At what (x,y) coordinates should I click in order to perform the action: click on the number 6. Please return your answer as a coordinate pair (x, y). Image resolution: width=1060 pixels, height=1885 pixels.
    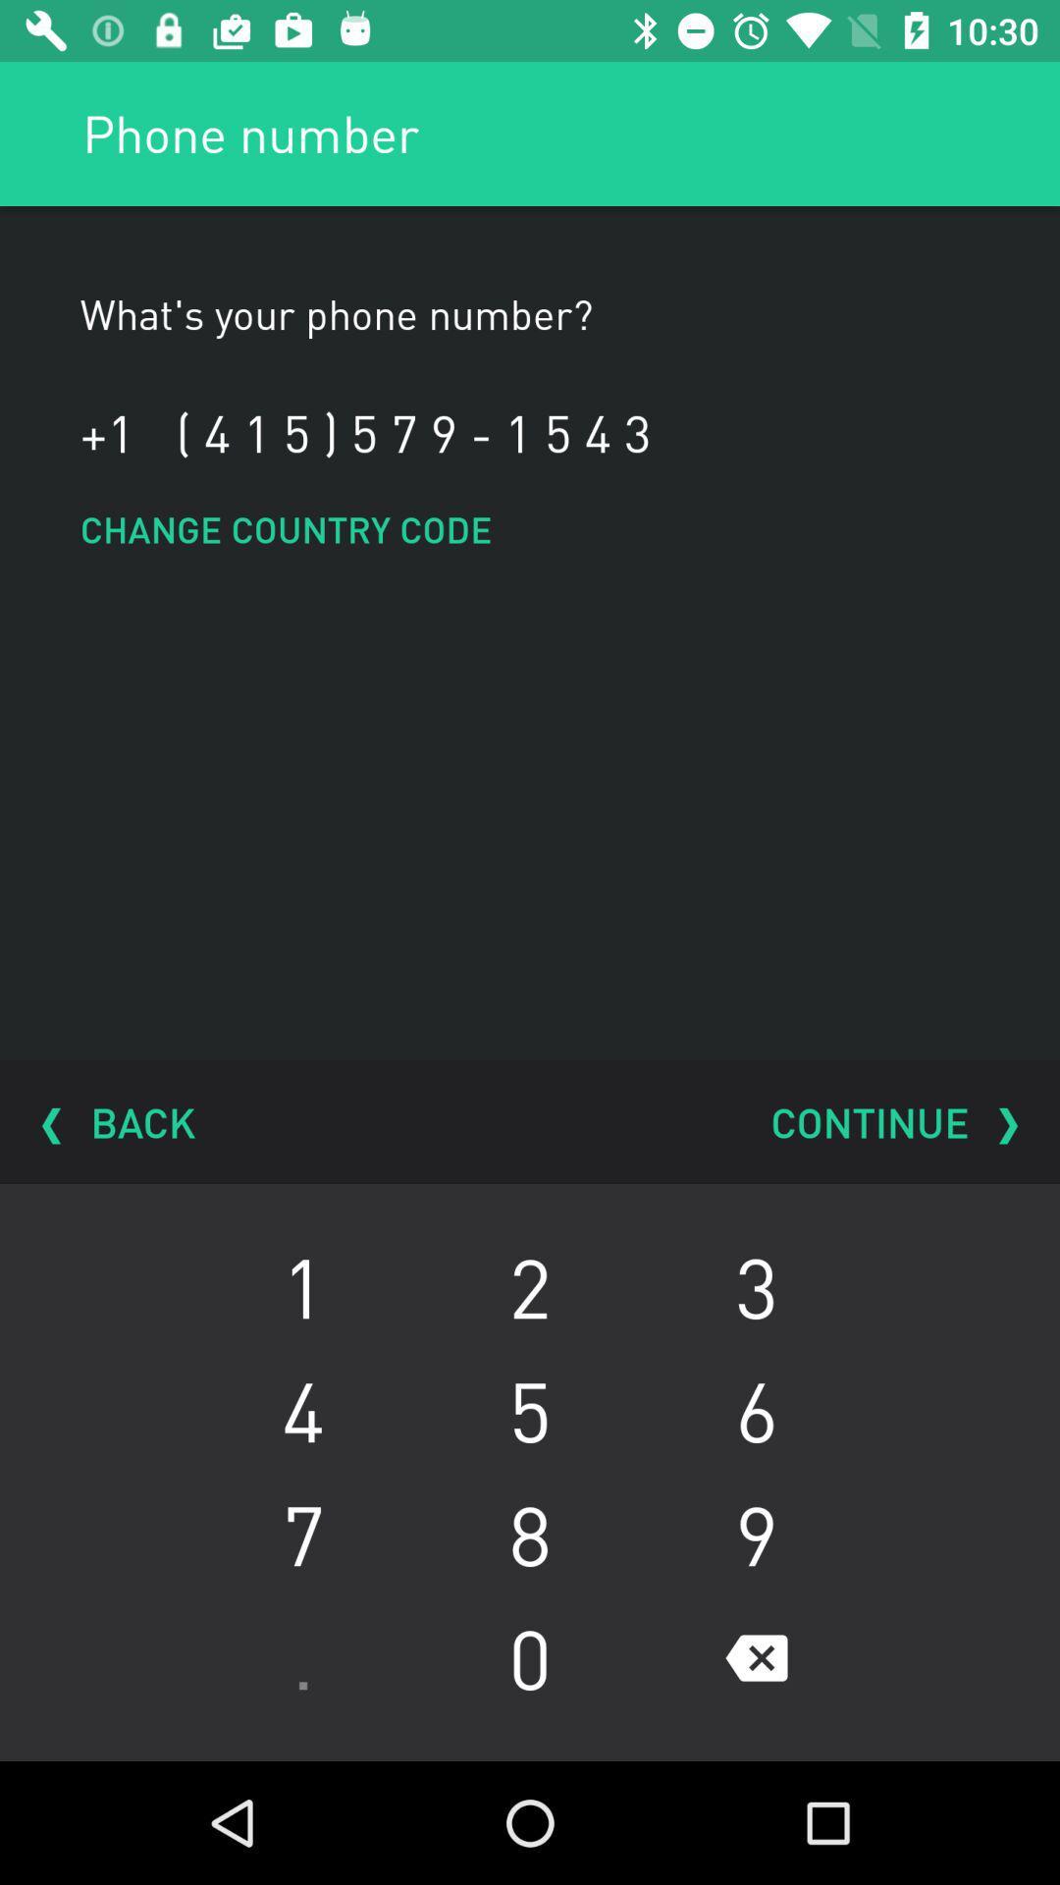
    Looking at the image, I should click on (756, 1409).